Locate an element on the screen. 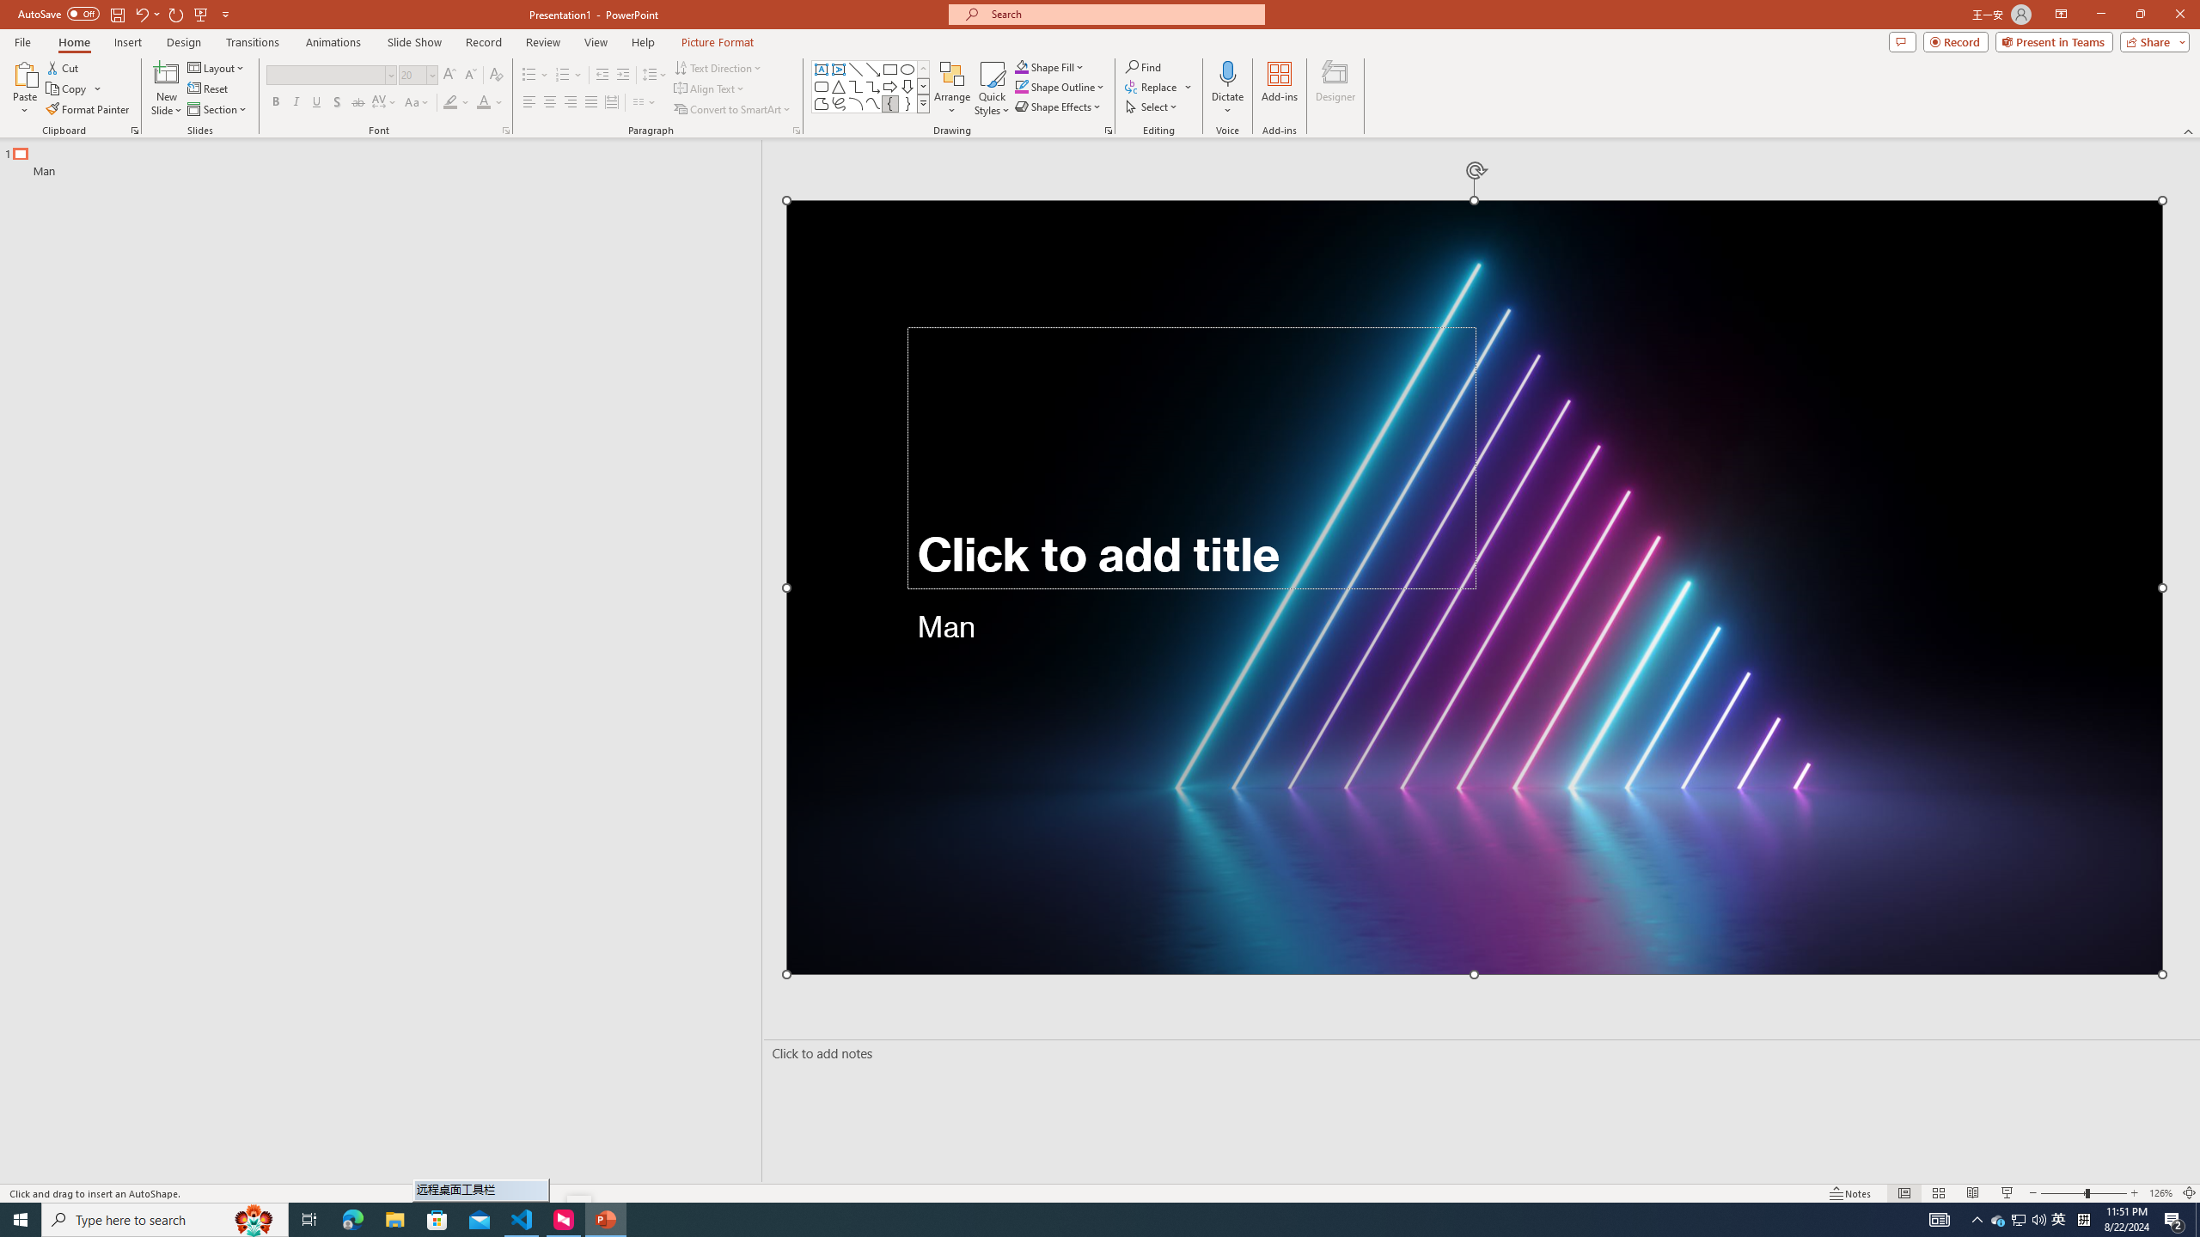 The height and width of the screenshot is (1237, 2200). 'Picture Format' is located at coordinates (718, 42).